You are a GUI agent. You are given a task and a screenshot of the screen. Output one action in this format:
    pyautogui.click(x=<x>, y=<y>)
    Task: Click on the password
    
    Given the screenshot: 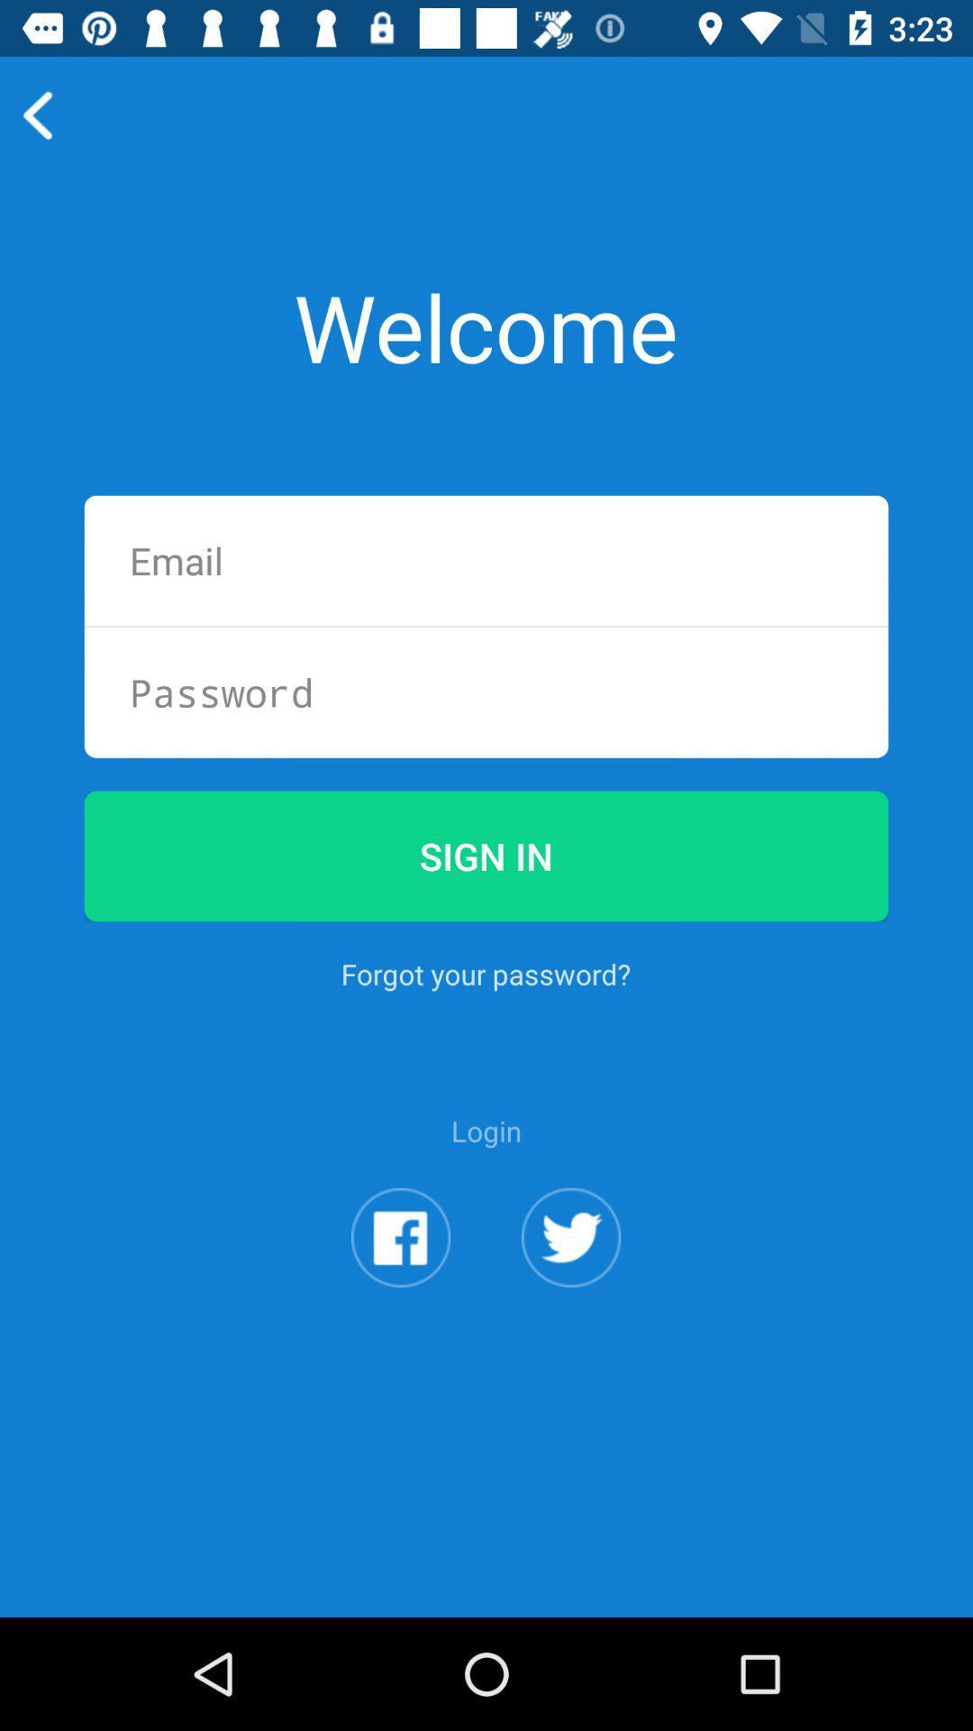 What is the action you would take?
    pyautogui.click(x=486, y=691)
    